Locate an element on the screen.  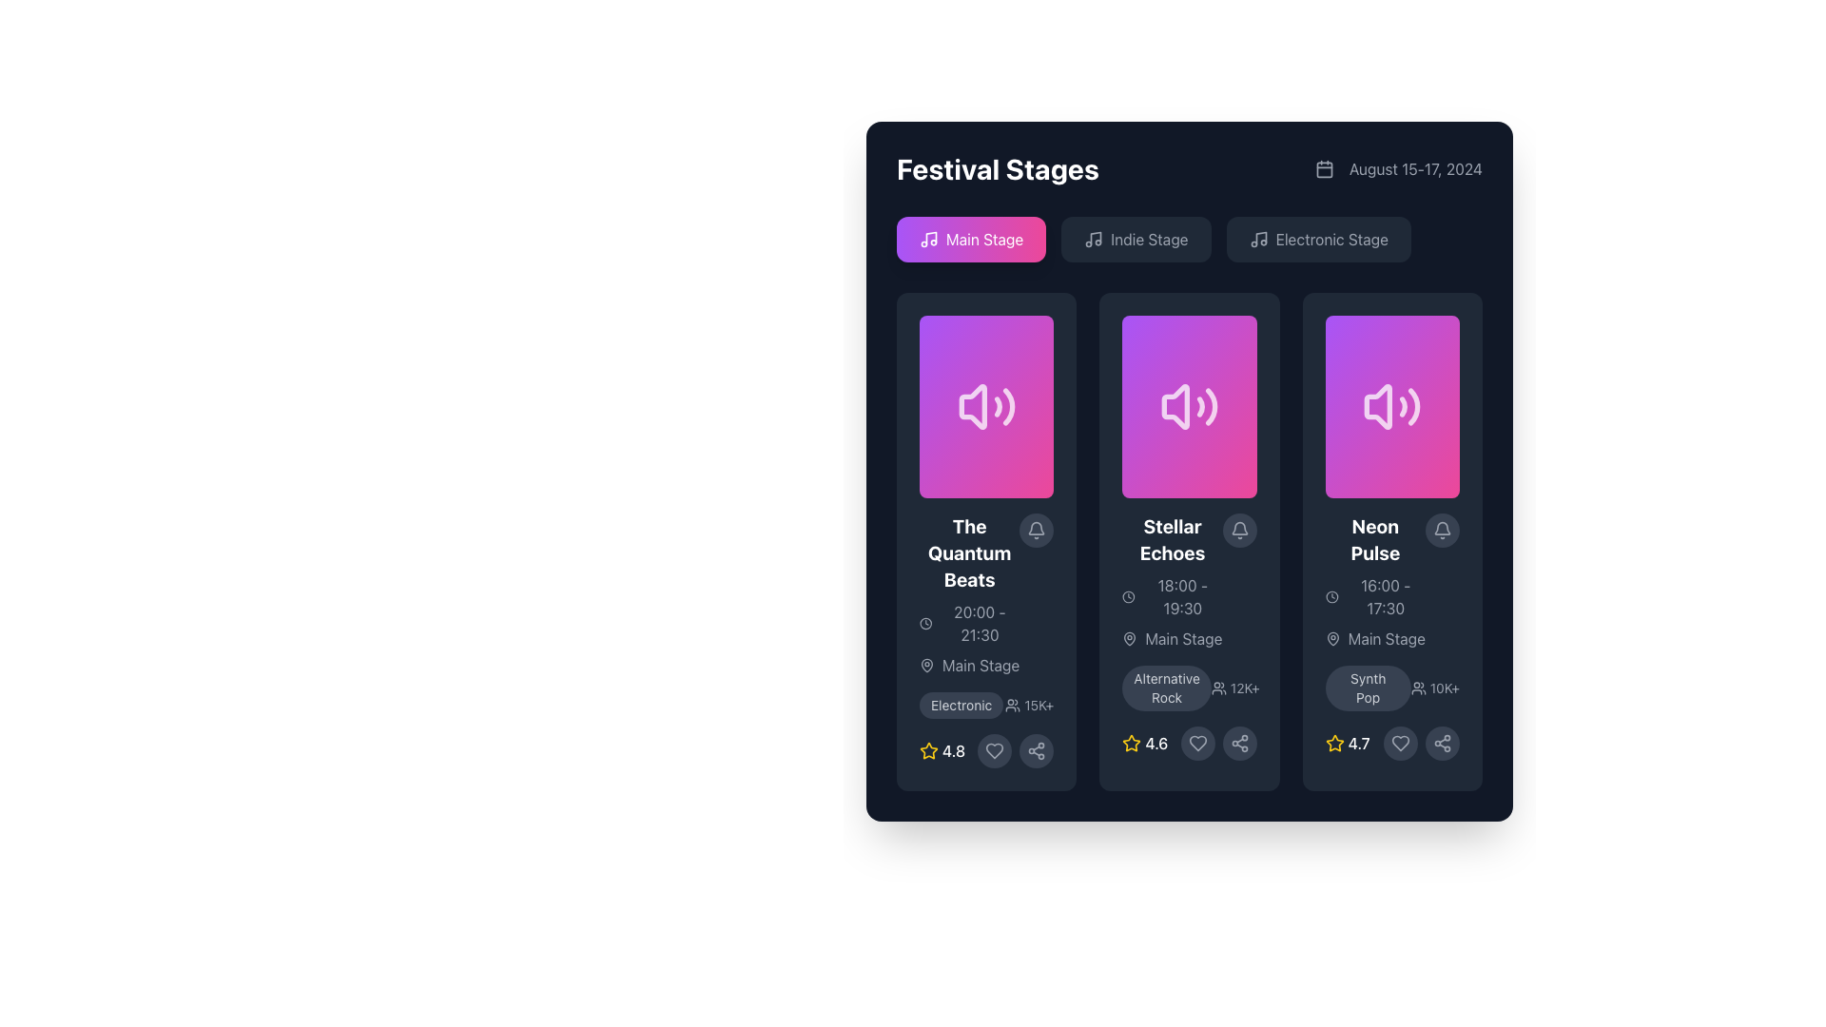
the small speaker icon with sound waves on the left side of the second card in a three-column layout is located at coordinates (1175, 406).